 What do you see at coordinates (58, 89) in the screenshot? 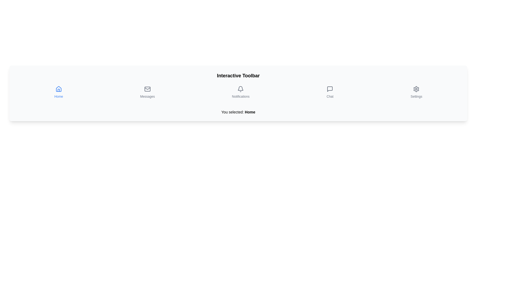
I see `the house-shaped icon in the toolbar` at bounding box center [58, 89].